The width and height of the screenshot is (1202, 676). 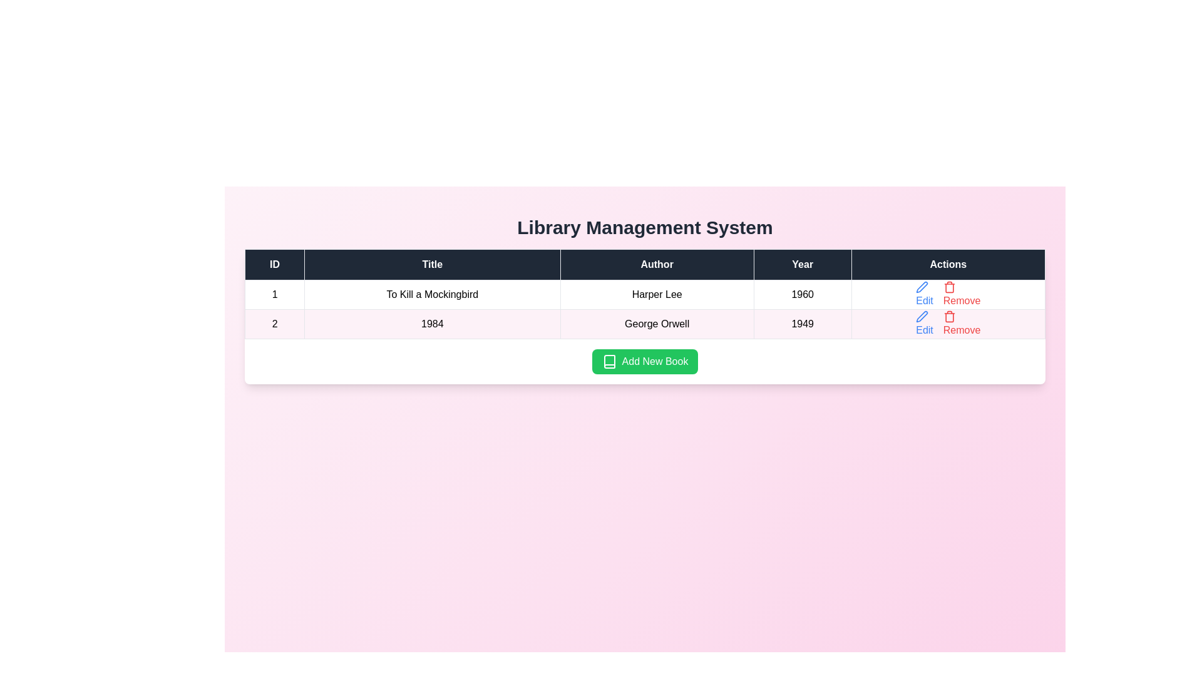 What do you see at coordinates (645, 362) in the screenshot?
I see `the 'Add New Book' button located below the book information table to initiate the process of adding a new book entry` at bounding box center [645, 362].